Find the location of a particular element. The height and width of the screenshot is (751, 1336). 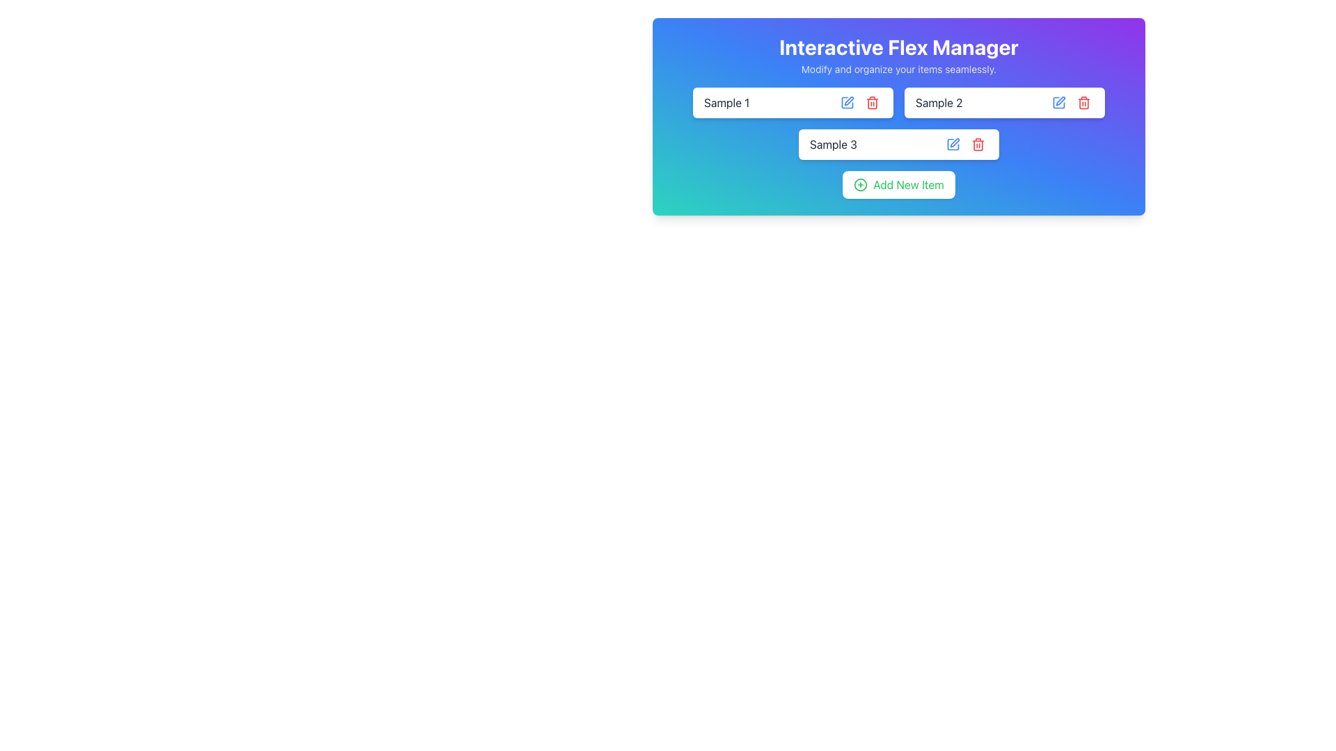

the edit button SVG icon located on the top-right of the 'Sample 1' text input field is located at coordinates (847, 102).